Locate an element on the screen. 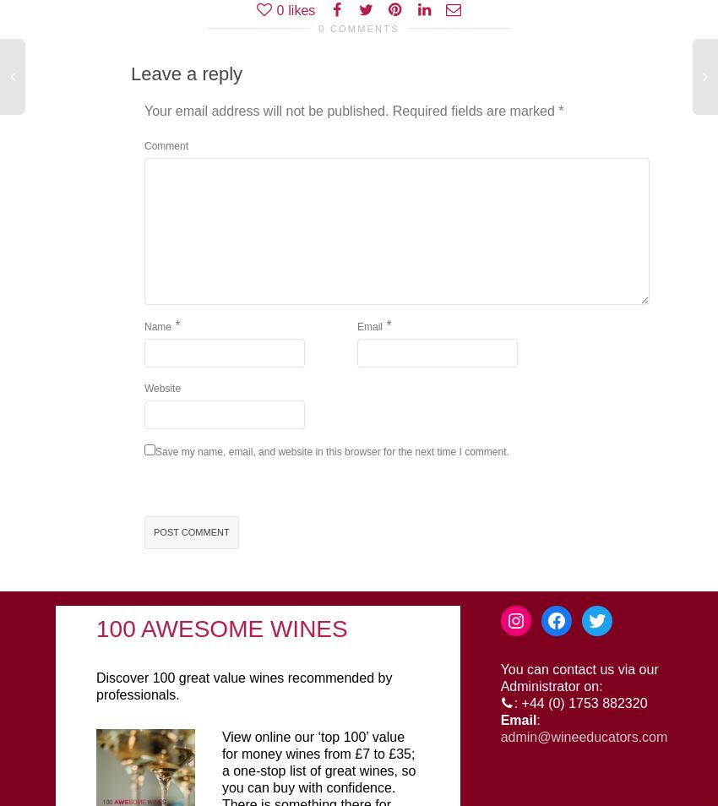 Image resolution: width=718 pixels, height=806 pixels. 'Required fields are marked' is located at coordinates (391, 110).